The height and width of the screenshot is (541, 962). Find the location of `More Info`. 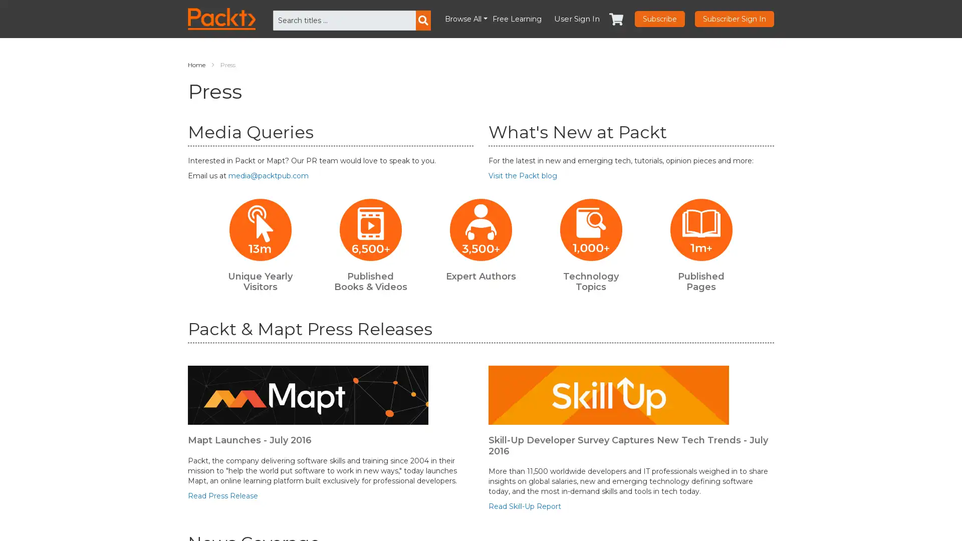

More Info is located at coordinates (819, 519).